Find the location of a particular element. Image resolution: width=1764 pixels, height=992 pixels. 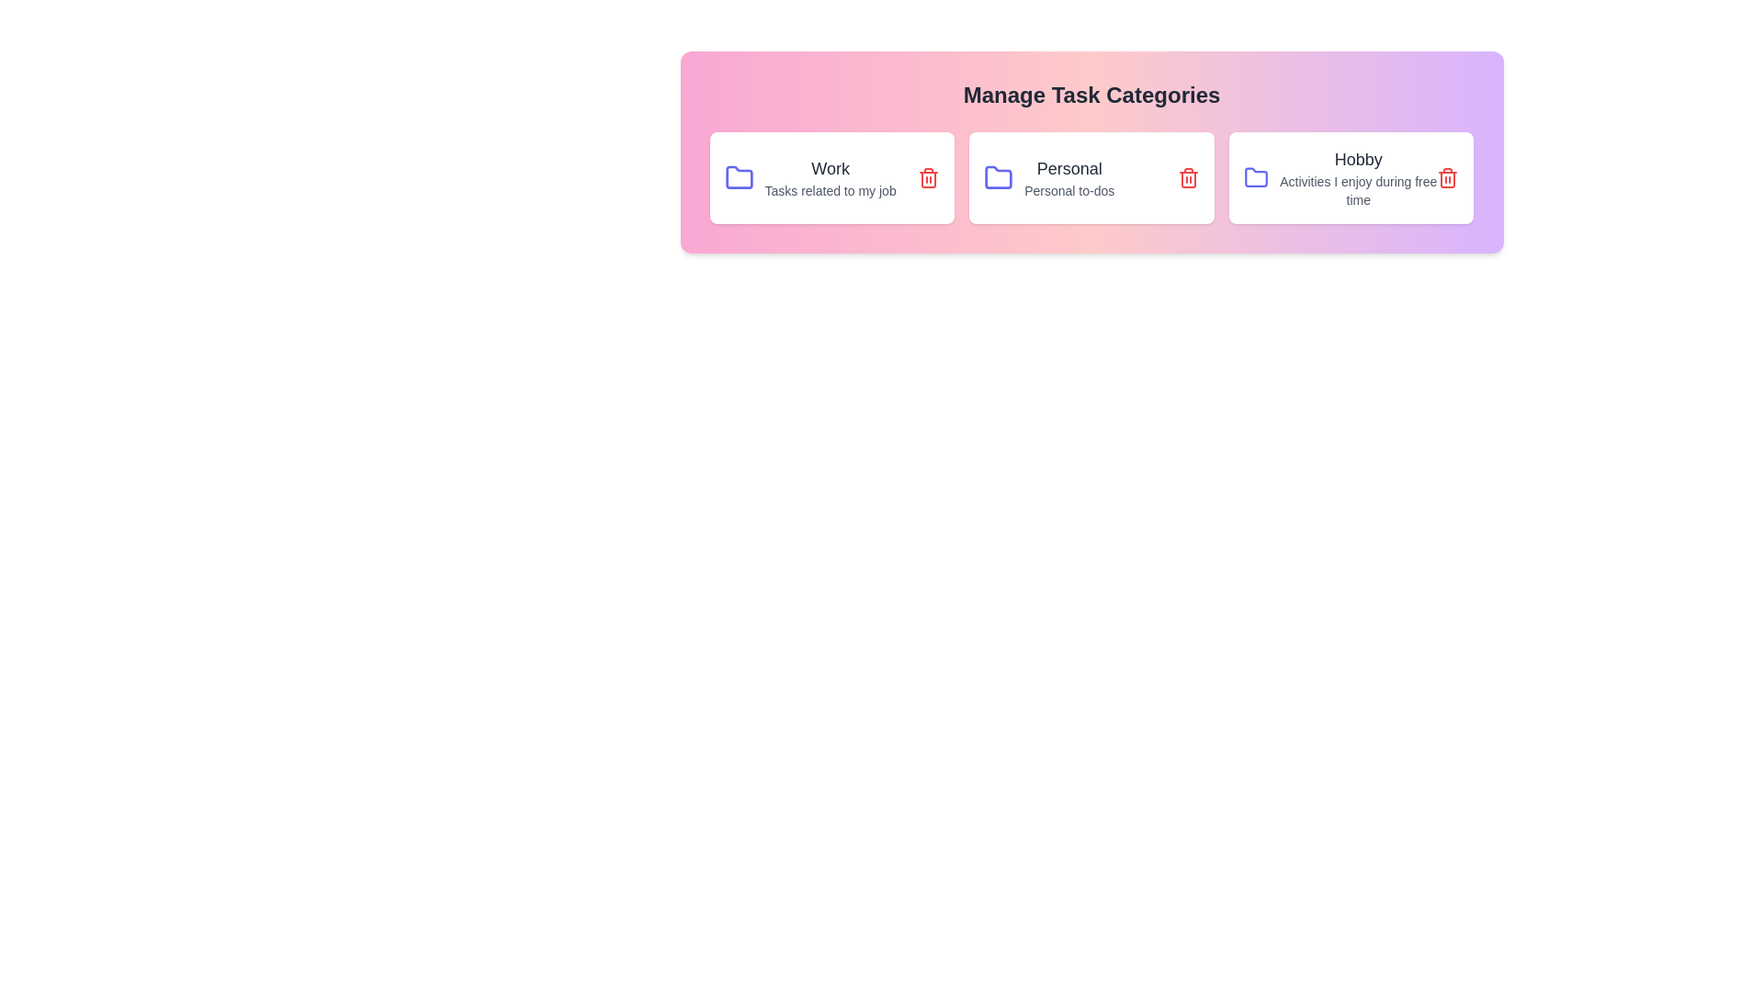

the folder icon associated with the category Hobby is located at coordinates (1255, 177).